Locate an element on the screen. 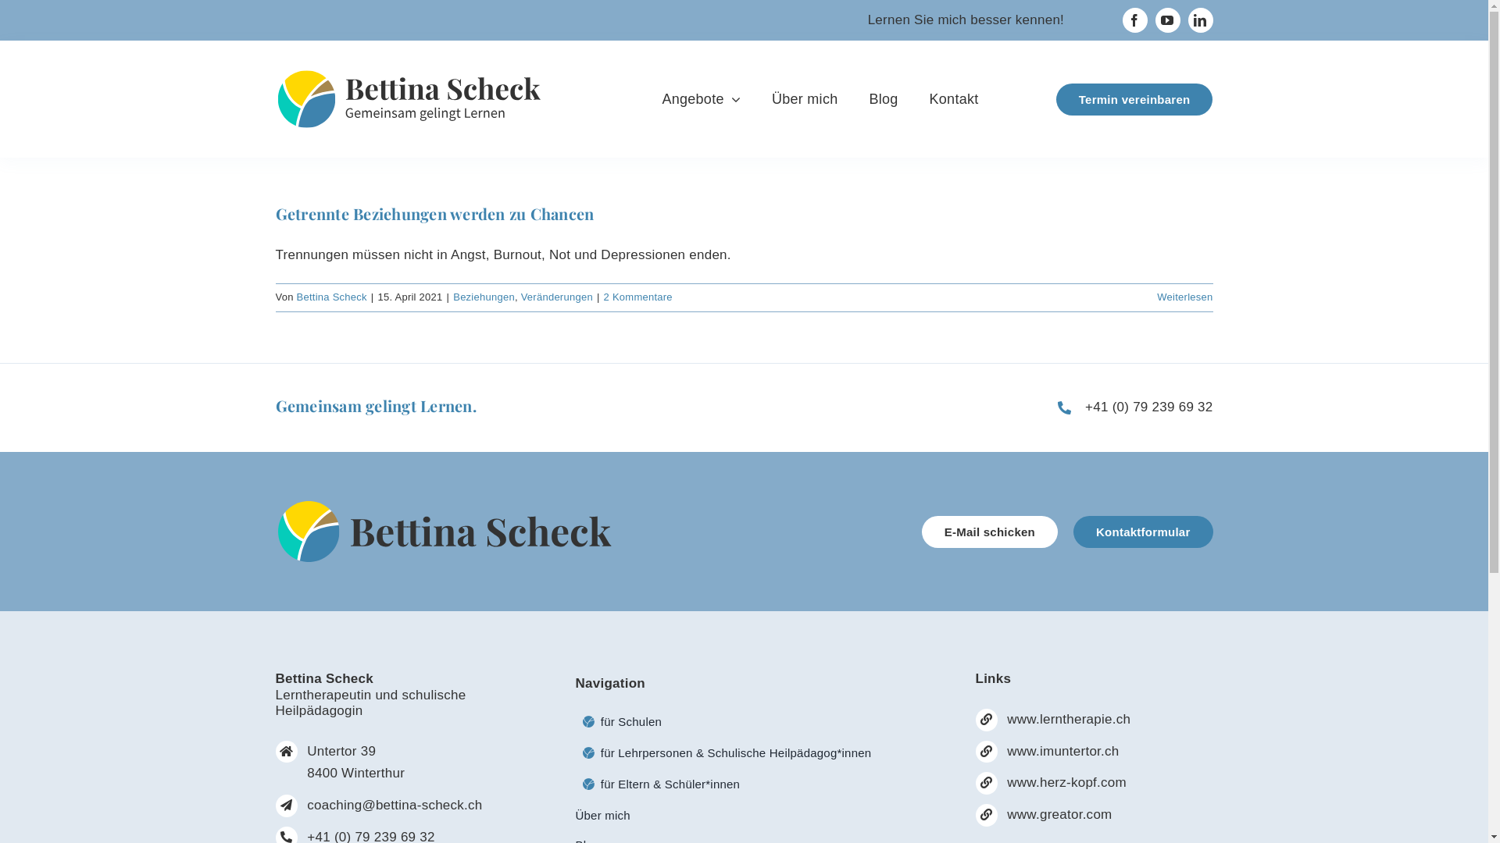 The height and width of the screenshot is (843, 1500). 'www.greator.com' is located at coordinates (1059, 813).